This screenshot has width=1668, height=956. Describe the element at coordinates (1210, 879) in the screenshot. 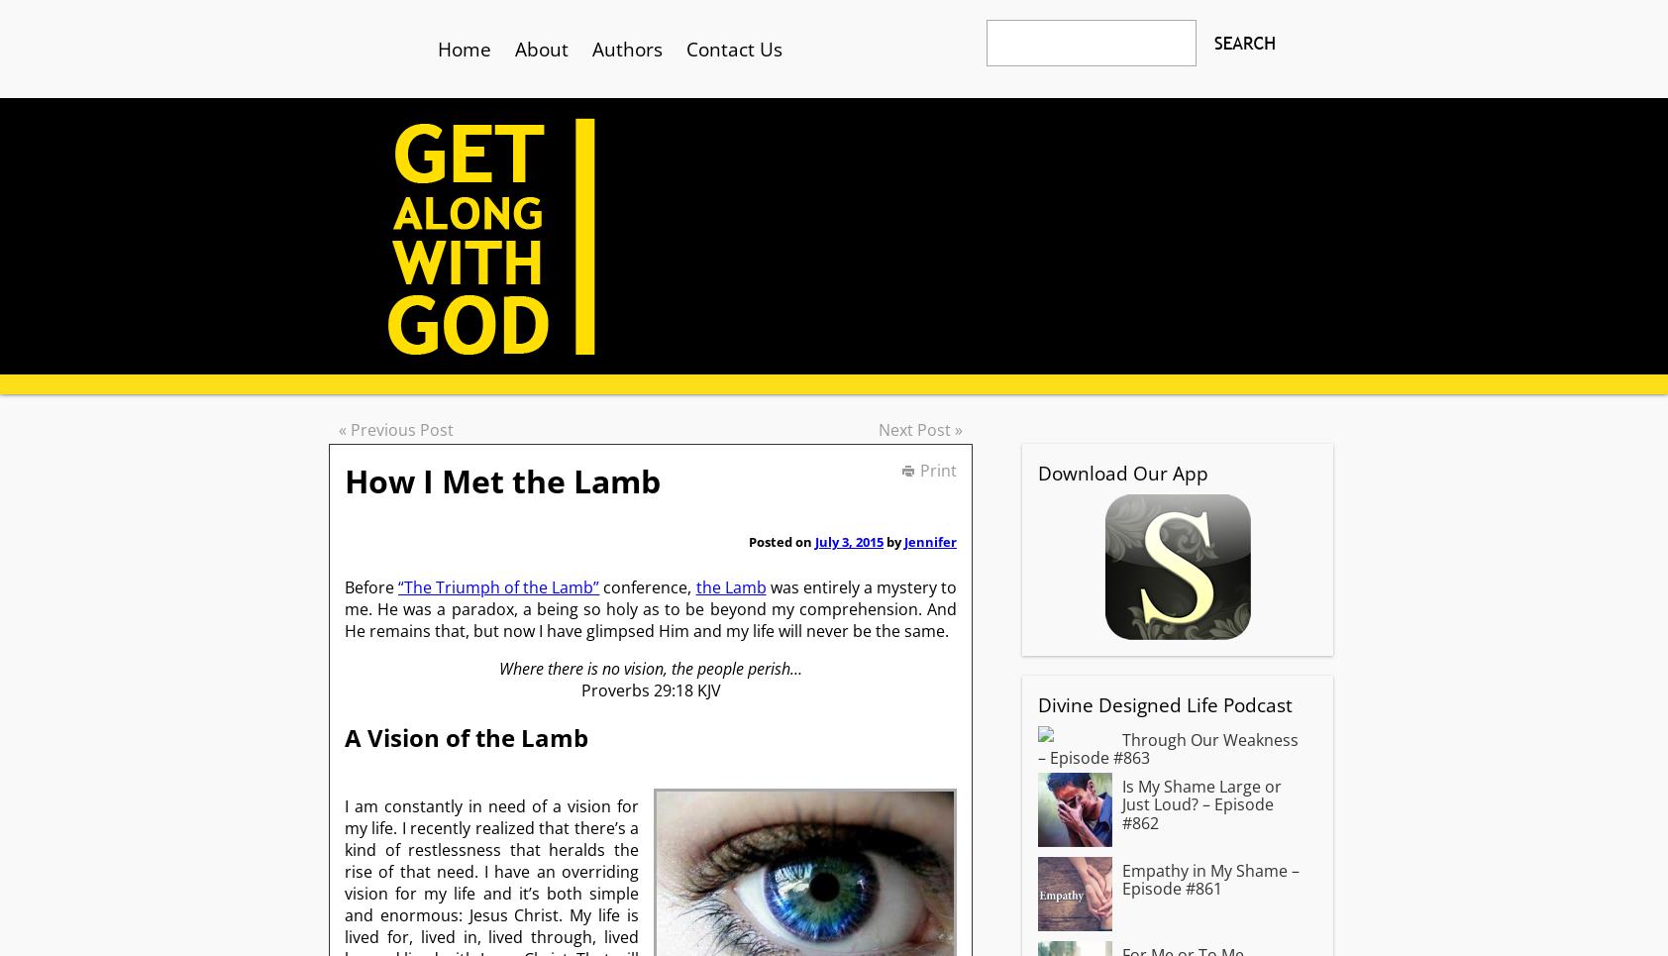

I see `'Empathy in My Shame – Episode #861'` at that location.